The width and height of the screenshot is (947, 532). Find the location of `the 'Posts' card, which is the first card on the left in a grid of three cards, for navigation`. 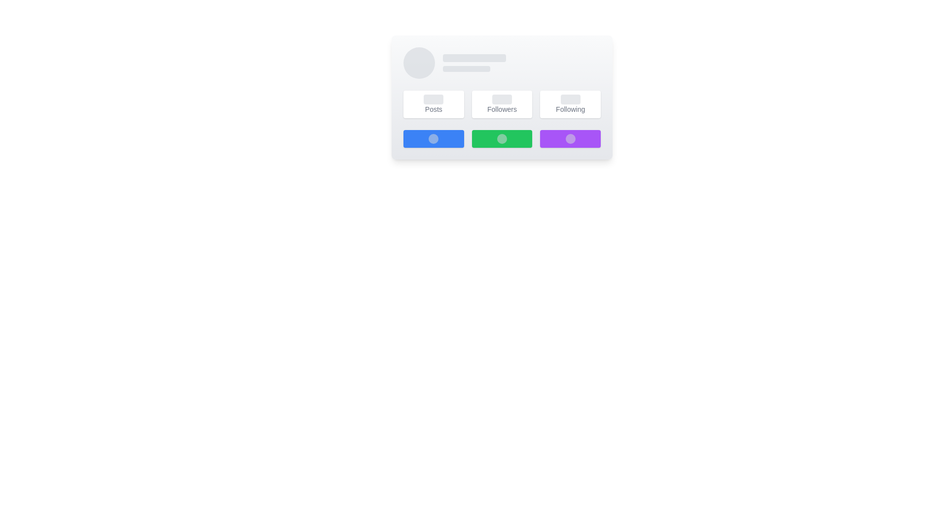

the 'Posts' card, which is the first card on the left in a grid of three cards, for navigation is located at coordinates (434, 104).